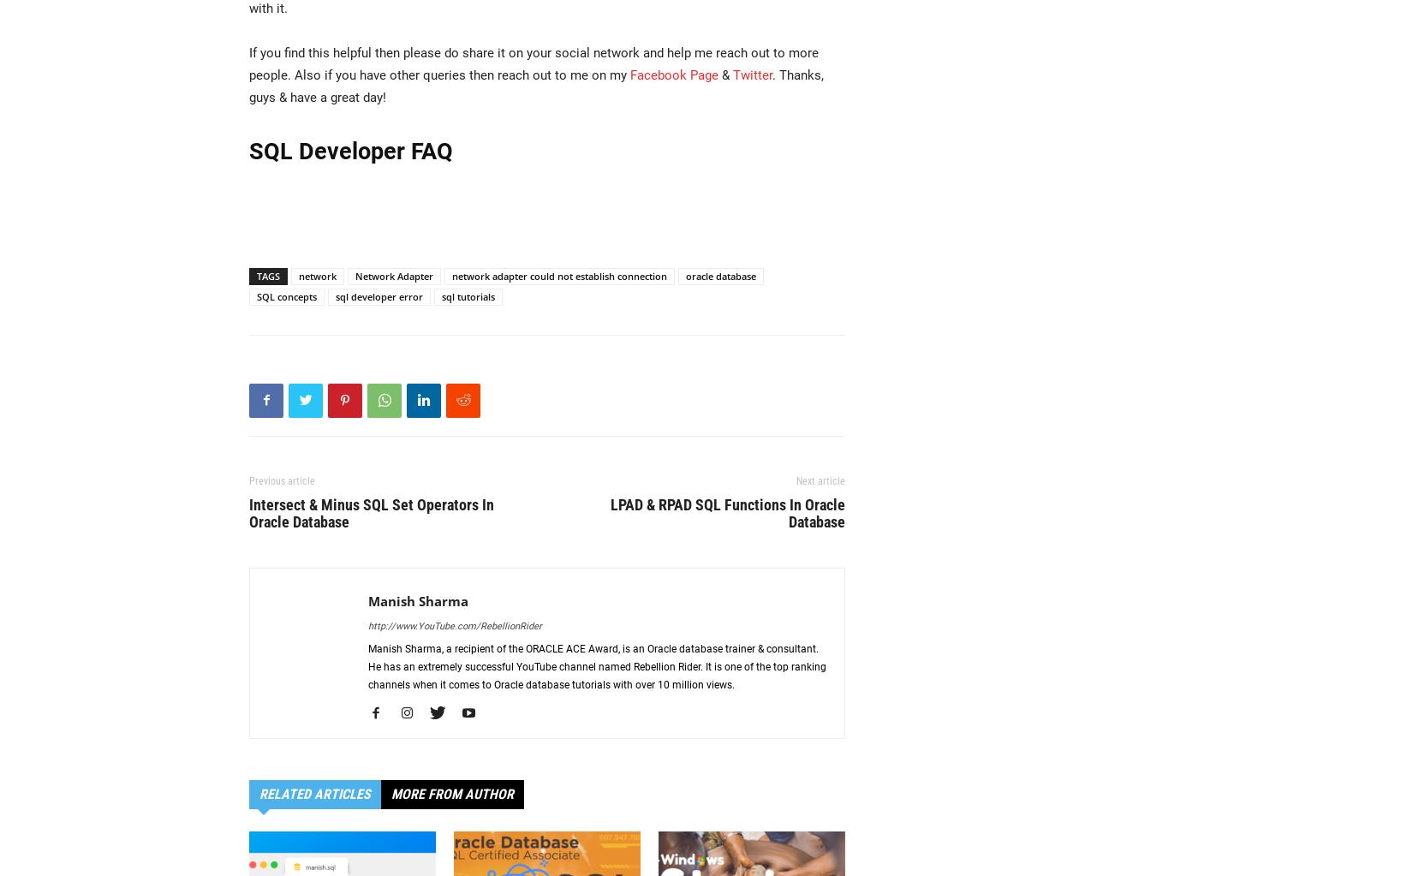 The height and width of the screenshot is (876, 1413). I want to click on 'sql tutorials', so click(467, 295).